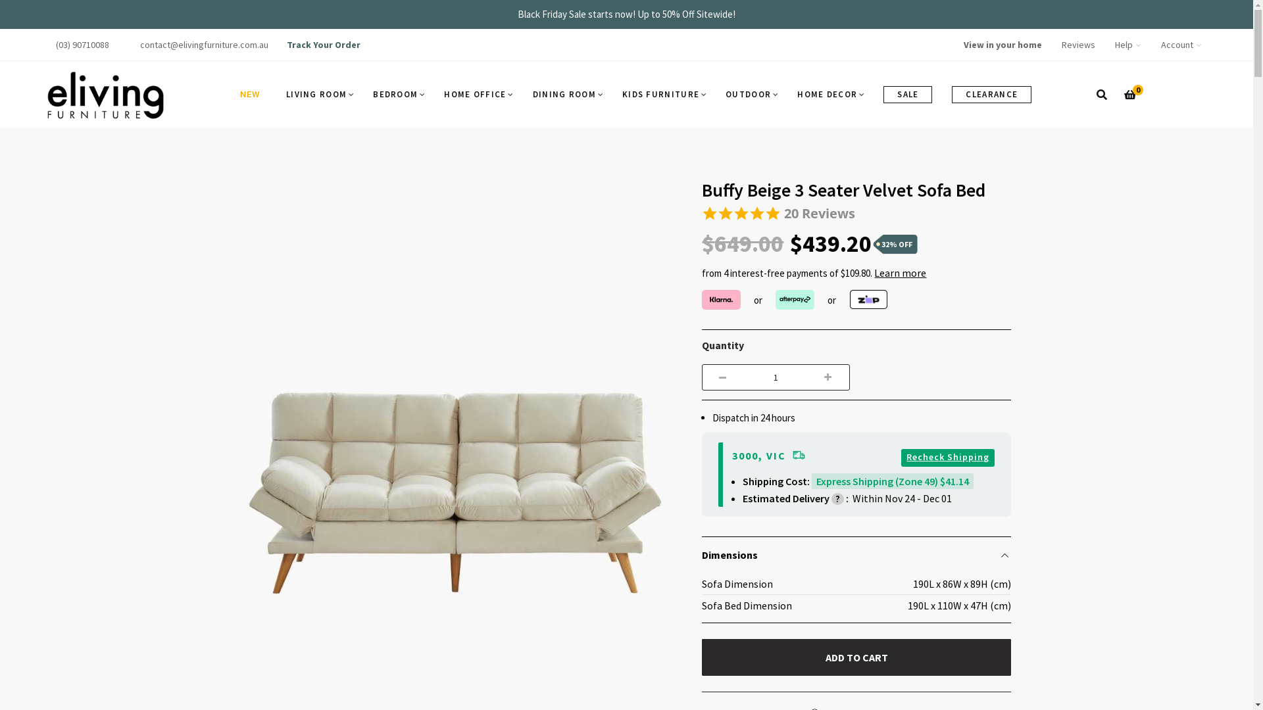 The image size is (1263, 710). I want to click on 'Learn more', so click(899, 272).